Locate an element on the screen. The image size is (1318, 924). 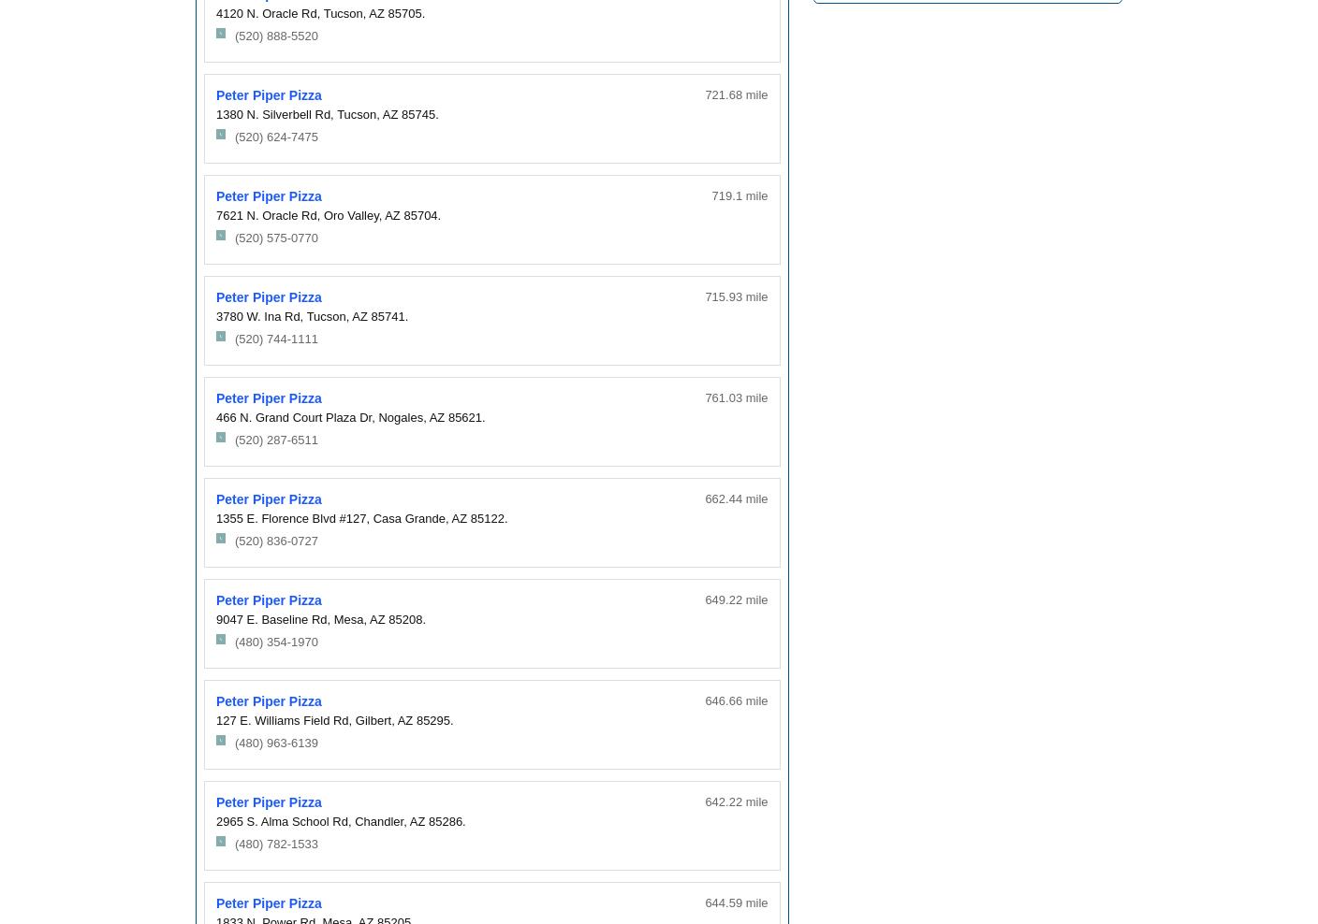
'Oro Valley,' is located at coordinates (351, 214).